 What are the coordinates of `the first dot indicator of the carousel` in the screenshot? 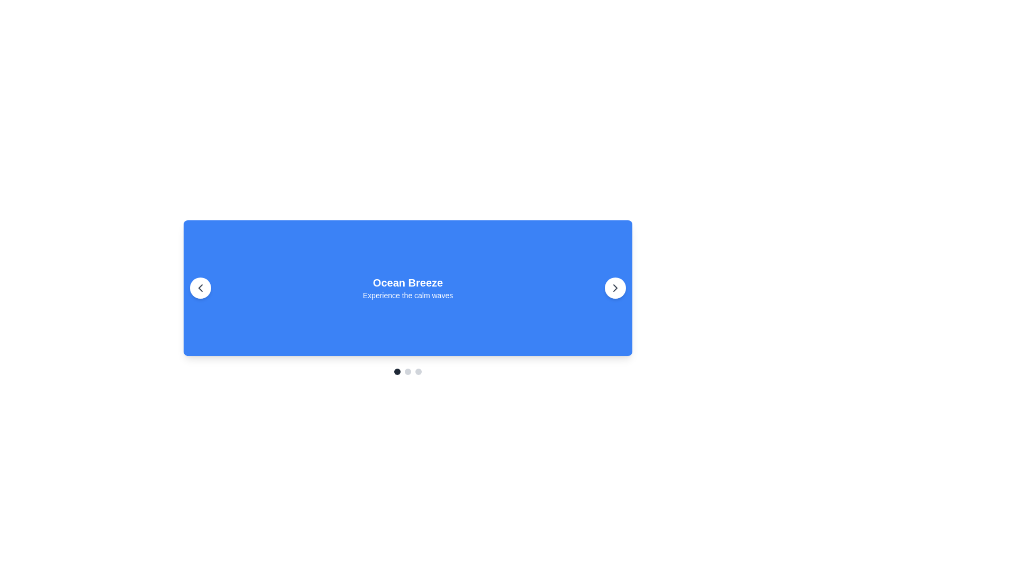 It's located at (396, 371).